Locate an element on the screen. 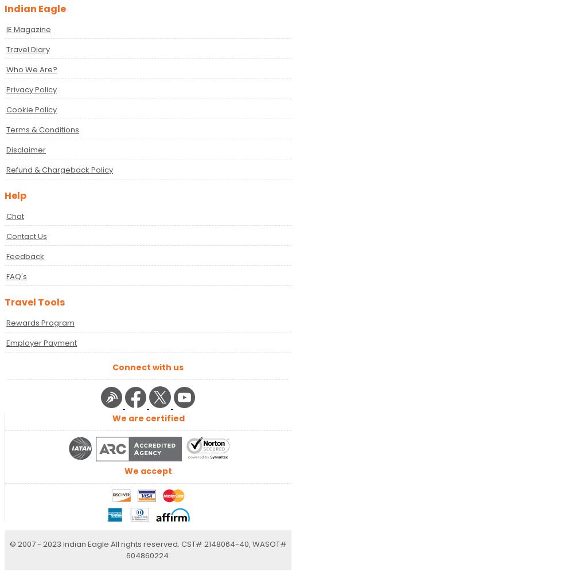 Image resolution: width=584 pixels, height=572 pixels. 'Privacy Policy' is located at coordinates (31, 88).